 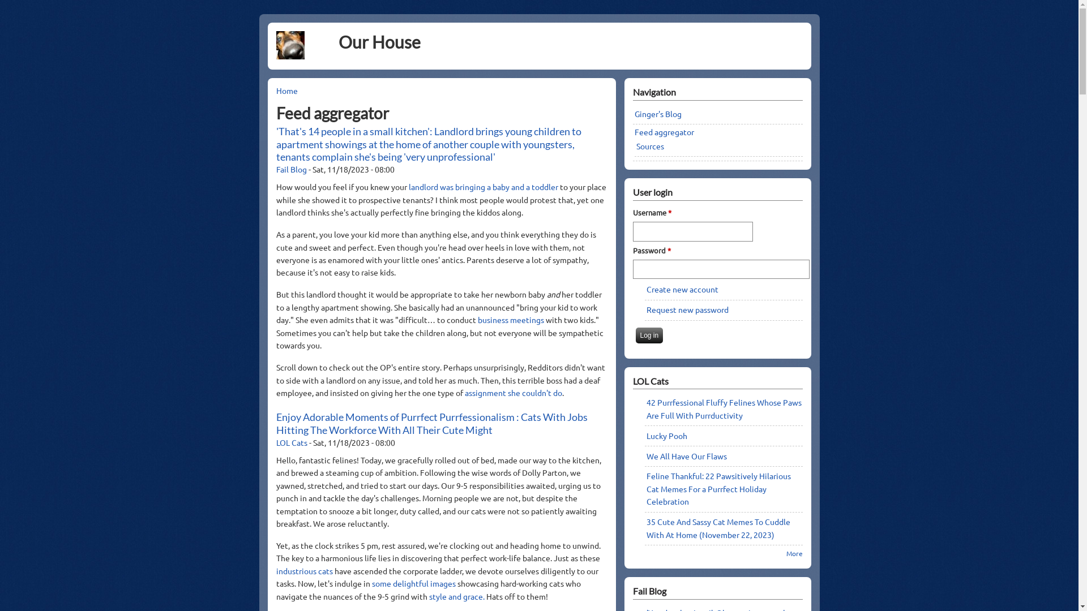 What do you see at coordinates (478, 319) in the screenshot?
I see `'business meetings'` at bounding box center [478, 319].